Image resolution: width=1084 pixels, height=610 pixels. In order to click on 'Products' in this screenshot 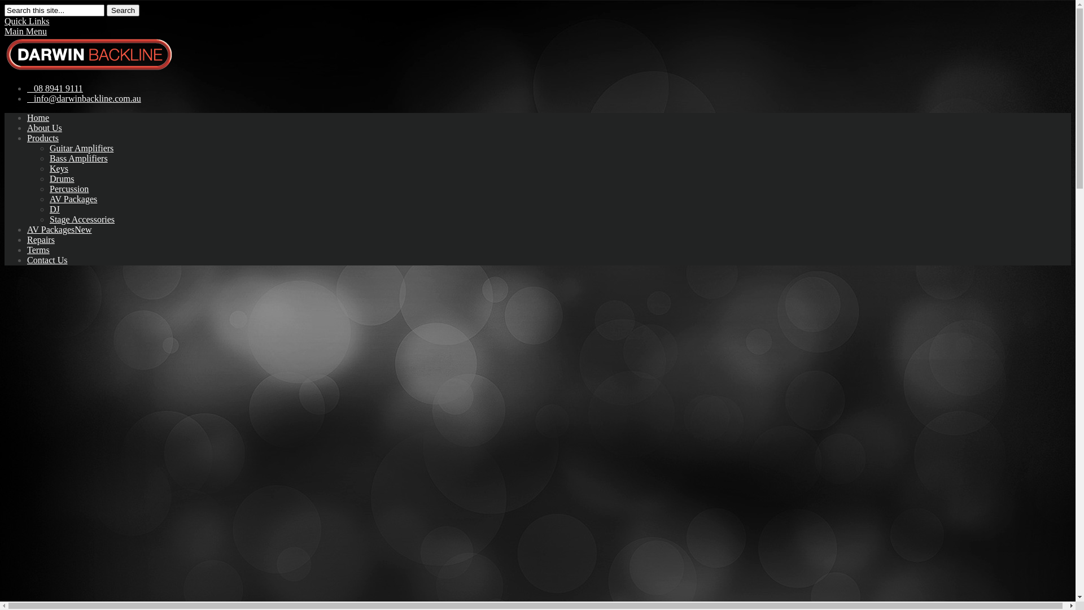, I will do `click(43, 137)`.